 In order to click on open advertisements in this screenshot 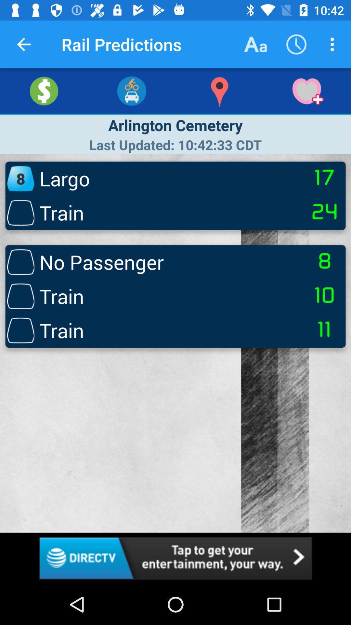, I will do `click(175, 558)`.